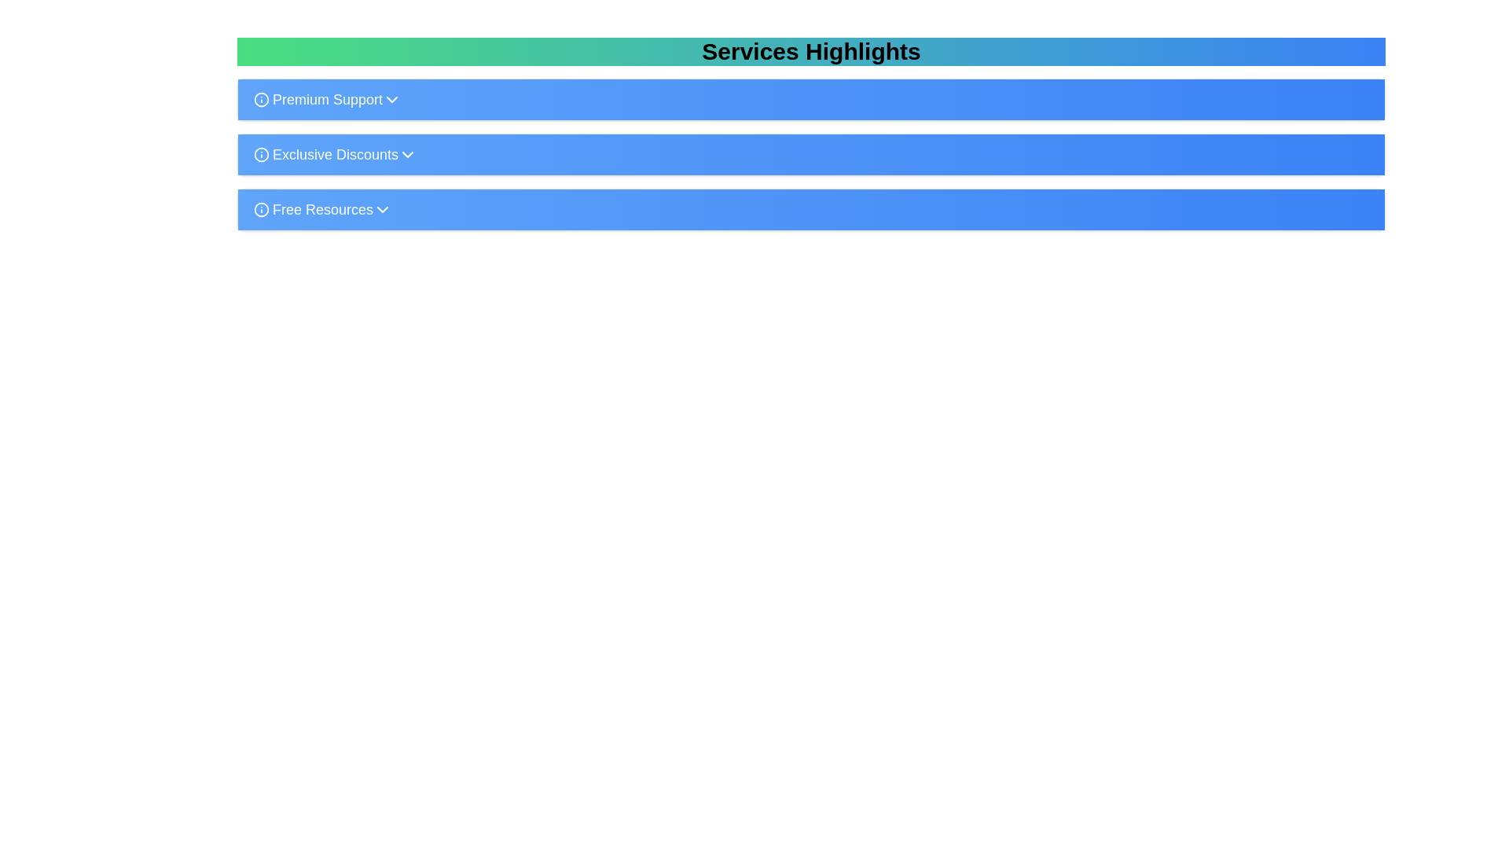  Describe the element at coordinates (261, 154) in the screenshot. I see `the SVG circle indicator located within the 'Exclusive Discounts' section` at that location.